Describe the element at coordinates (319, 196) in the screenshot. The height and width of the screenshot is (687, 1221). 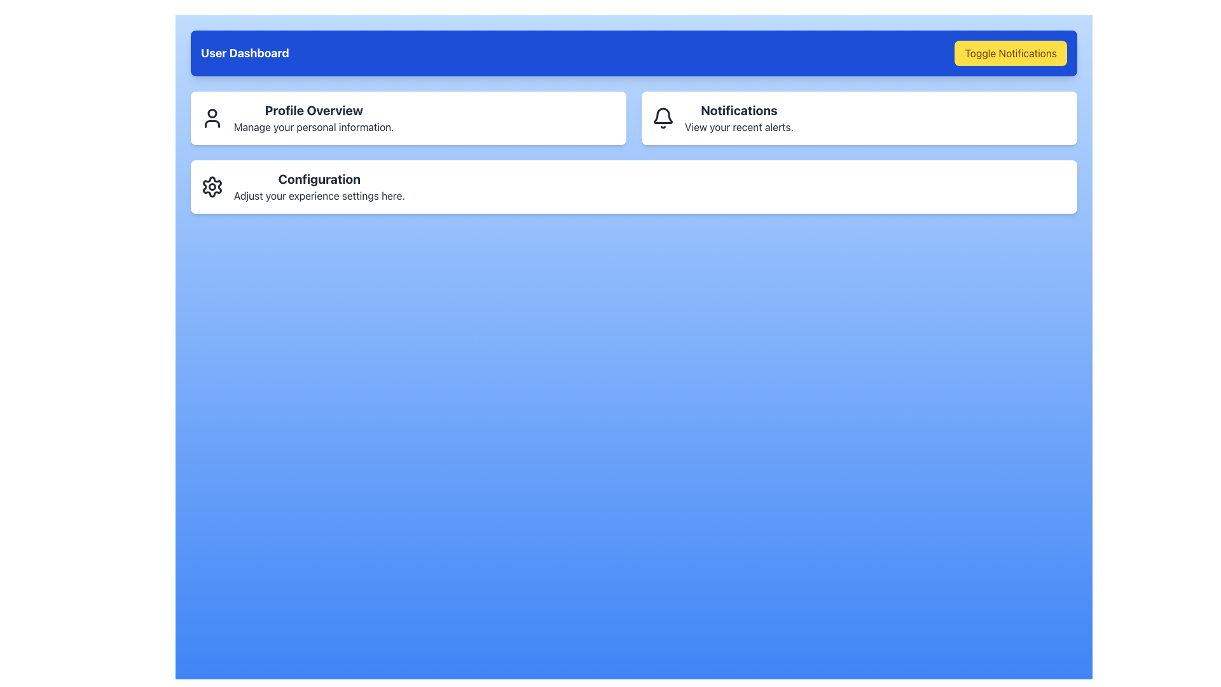
I see `the text label that reads 'Adjust your experience settings here.', which is styled in a clean sans-serif font and positioned directly below the bold title 'Configuration'` at that location.